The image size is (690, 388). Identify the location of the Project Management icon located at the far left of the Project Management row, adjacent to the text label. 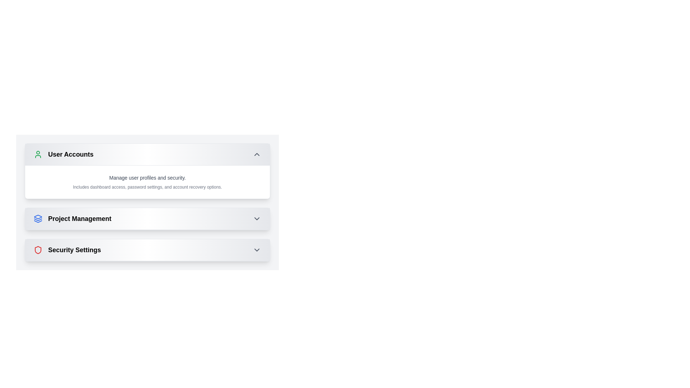
(37, 218).